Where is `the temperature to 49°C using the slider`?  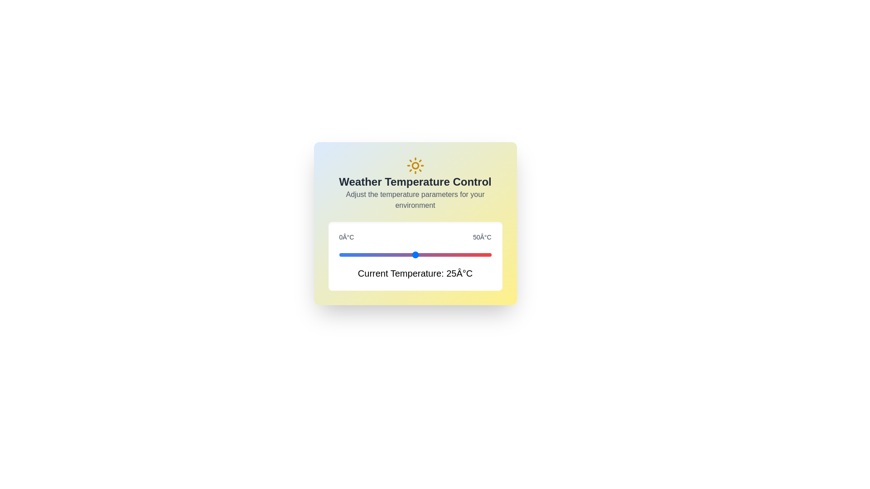 the temperature to 49°C using the slider is located at coordinates (488, 255).